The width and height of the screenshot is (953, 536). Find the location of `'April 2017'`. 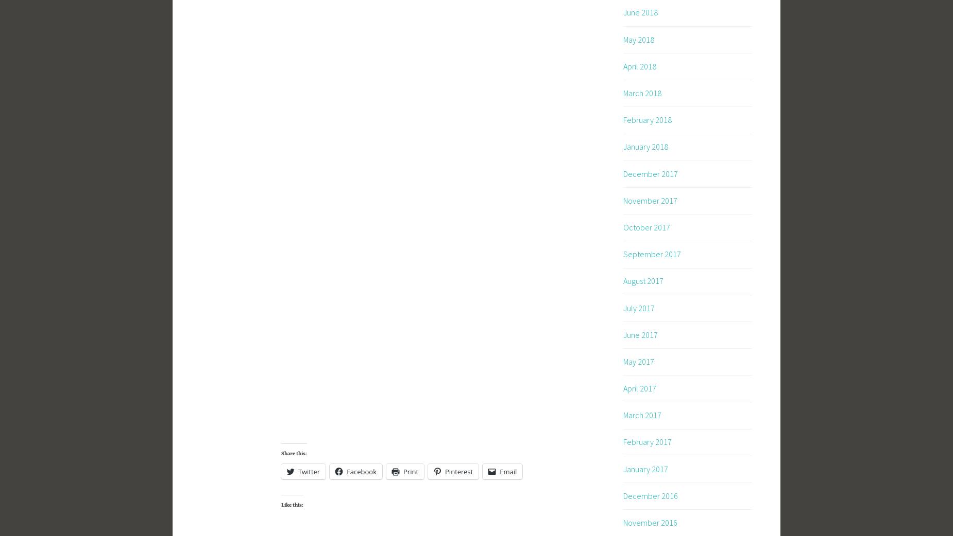

'April 2017' is located at coordinates (639, 388).